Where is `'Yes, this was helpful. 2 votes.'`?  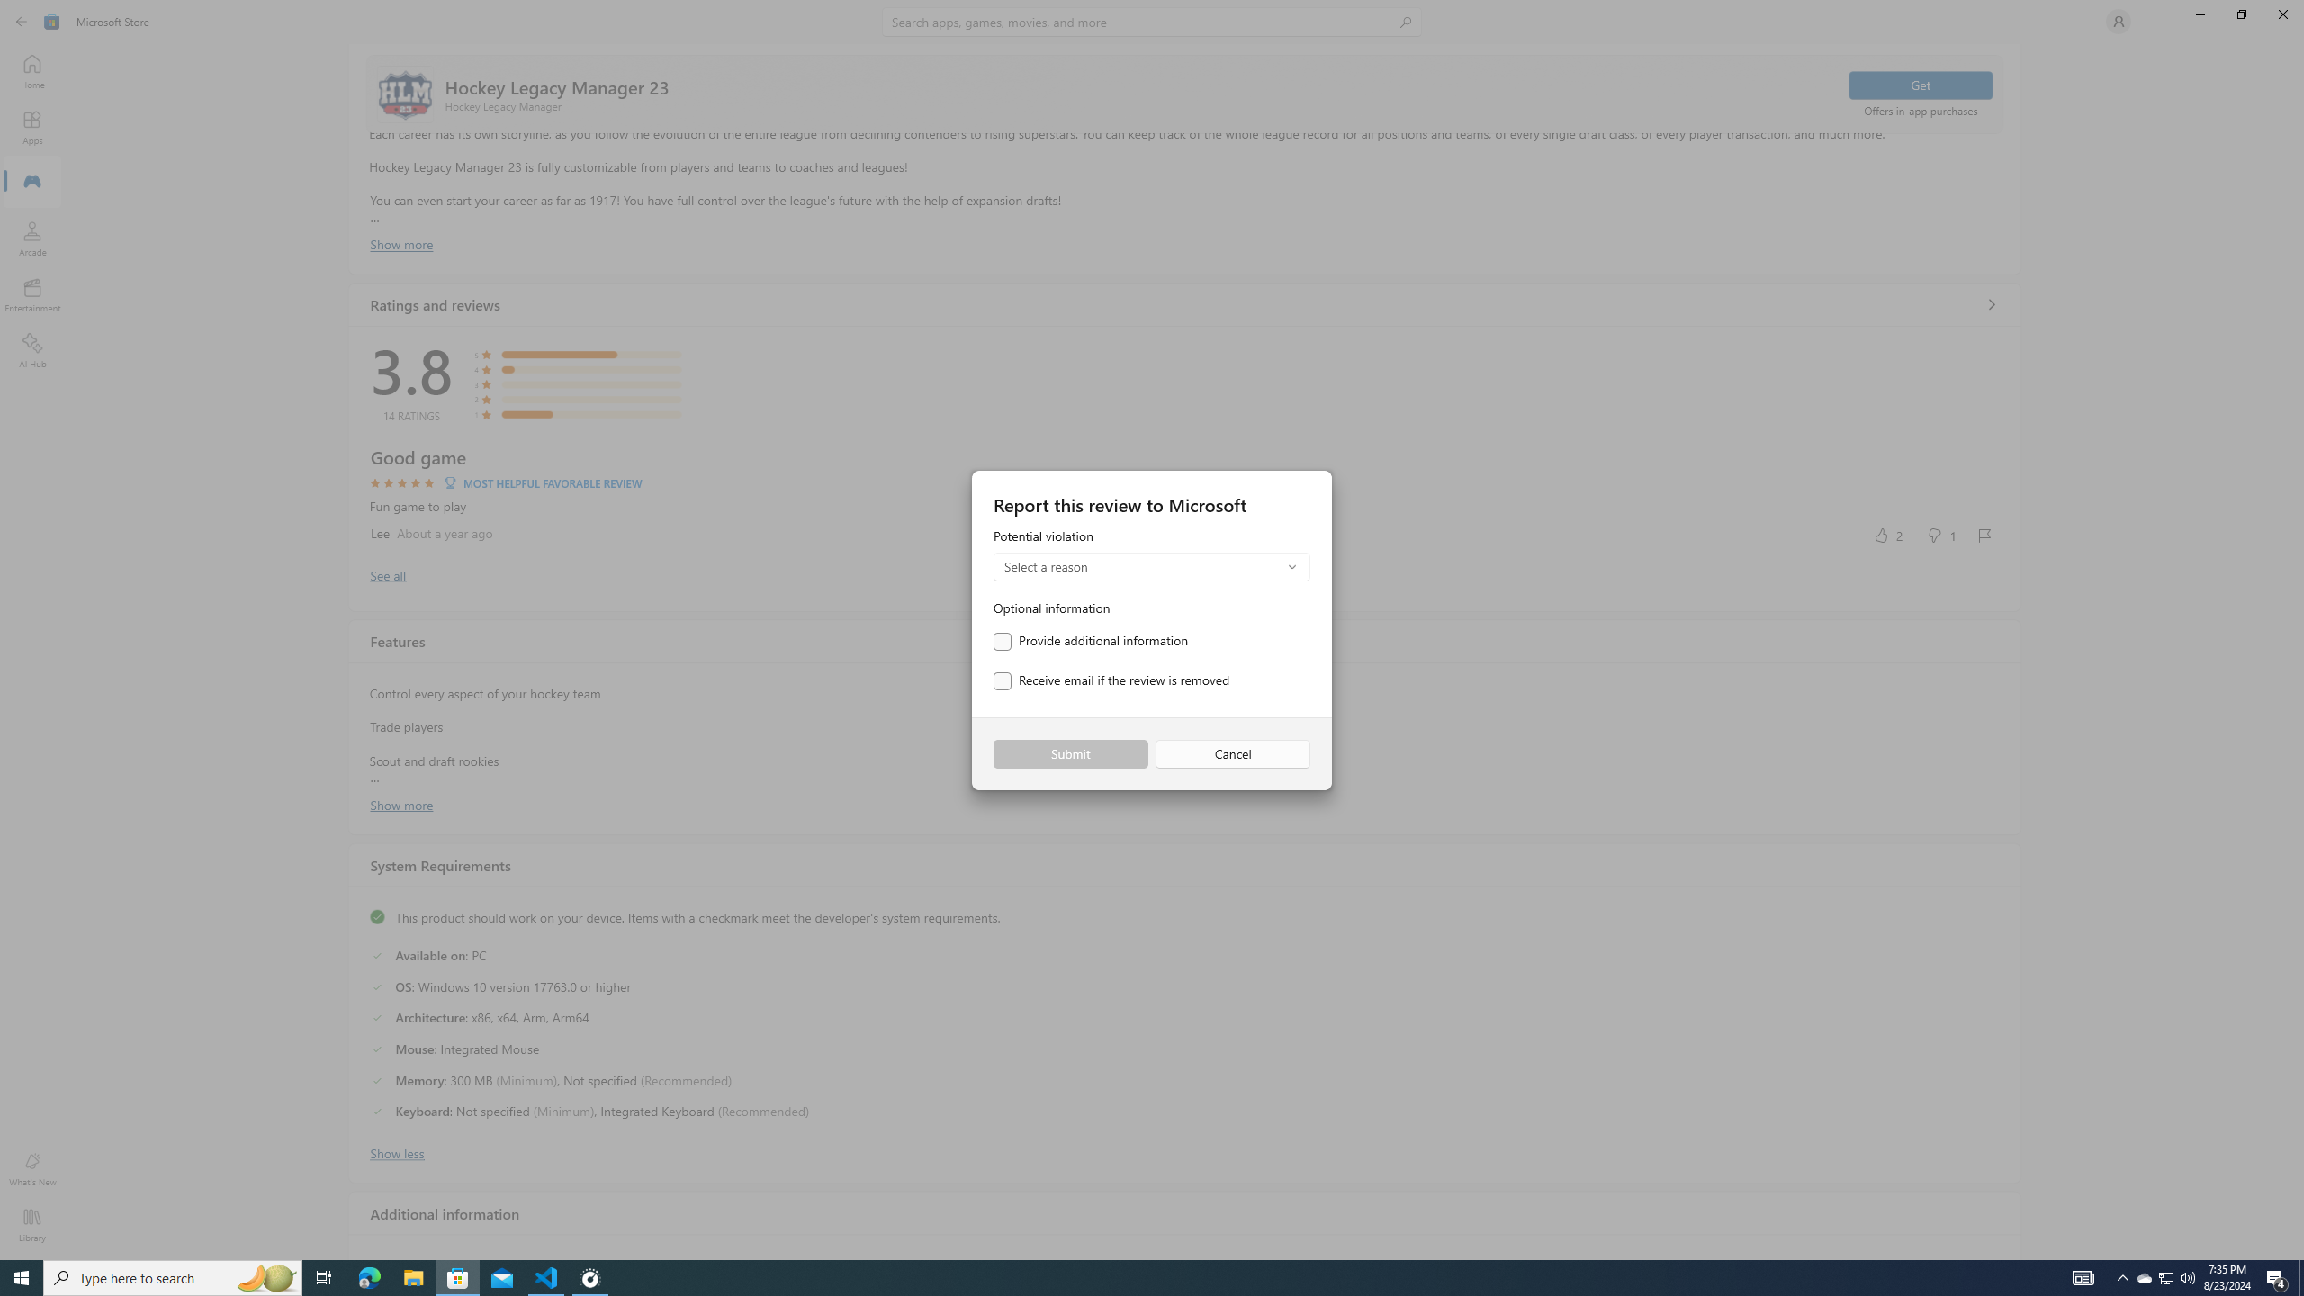
'Yes, this was helpful. 2 votes.' is located at coordinates (1886, 534).